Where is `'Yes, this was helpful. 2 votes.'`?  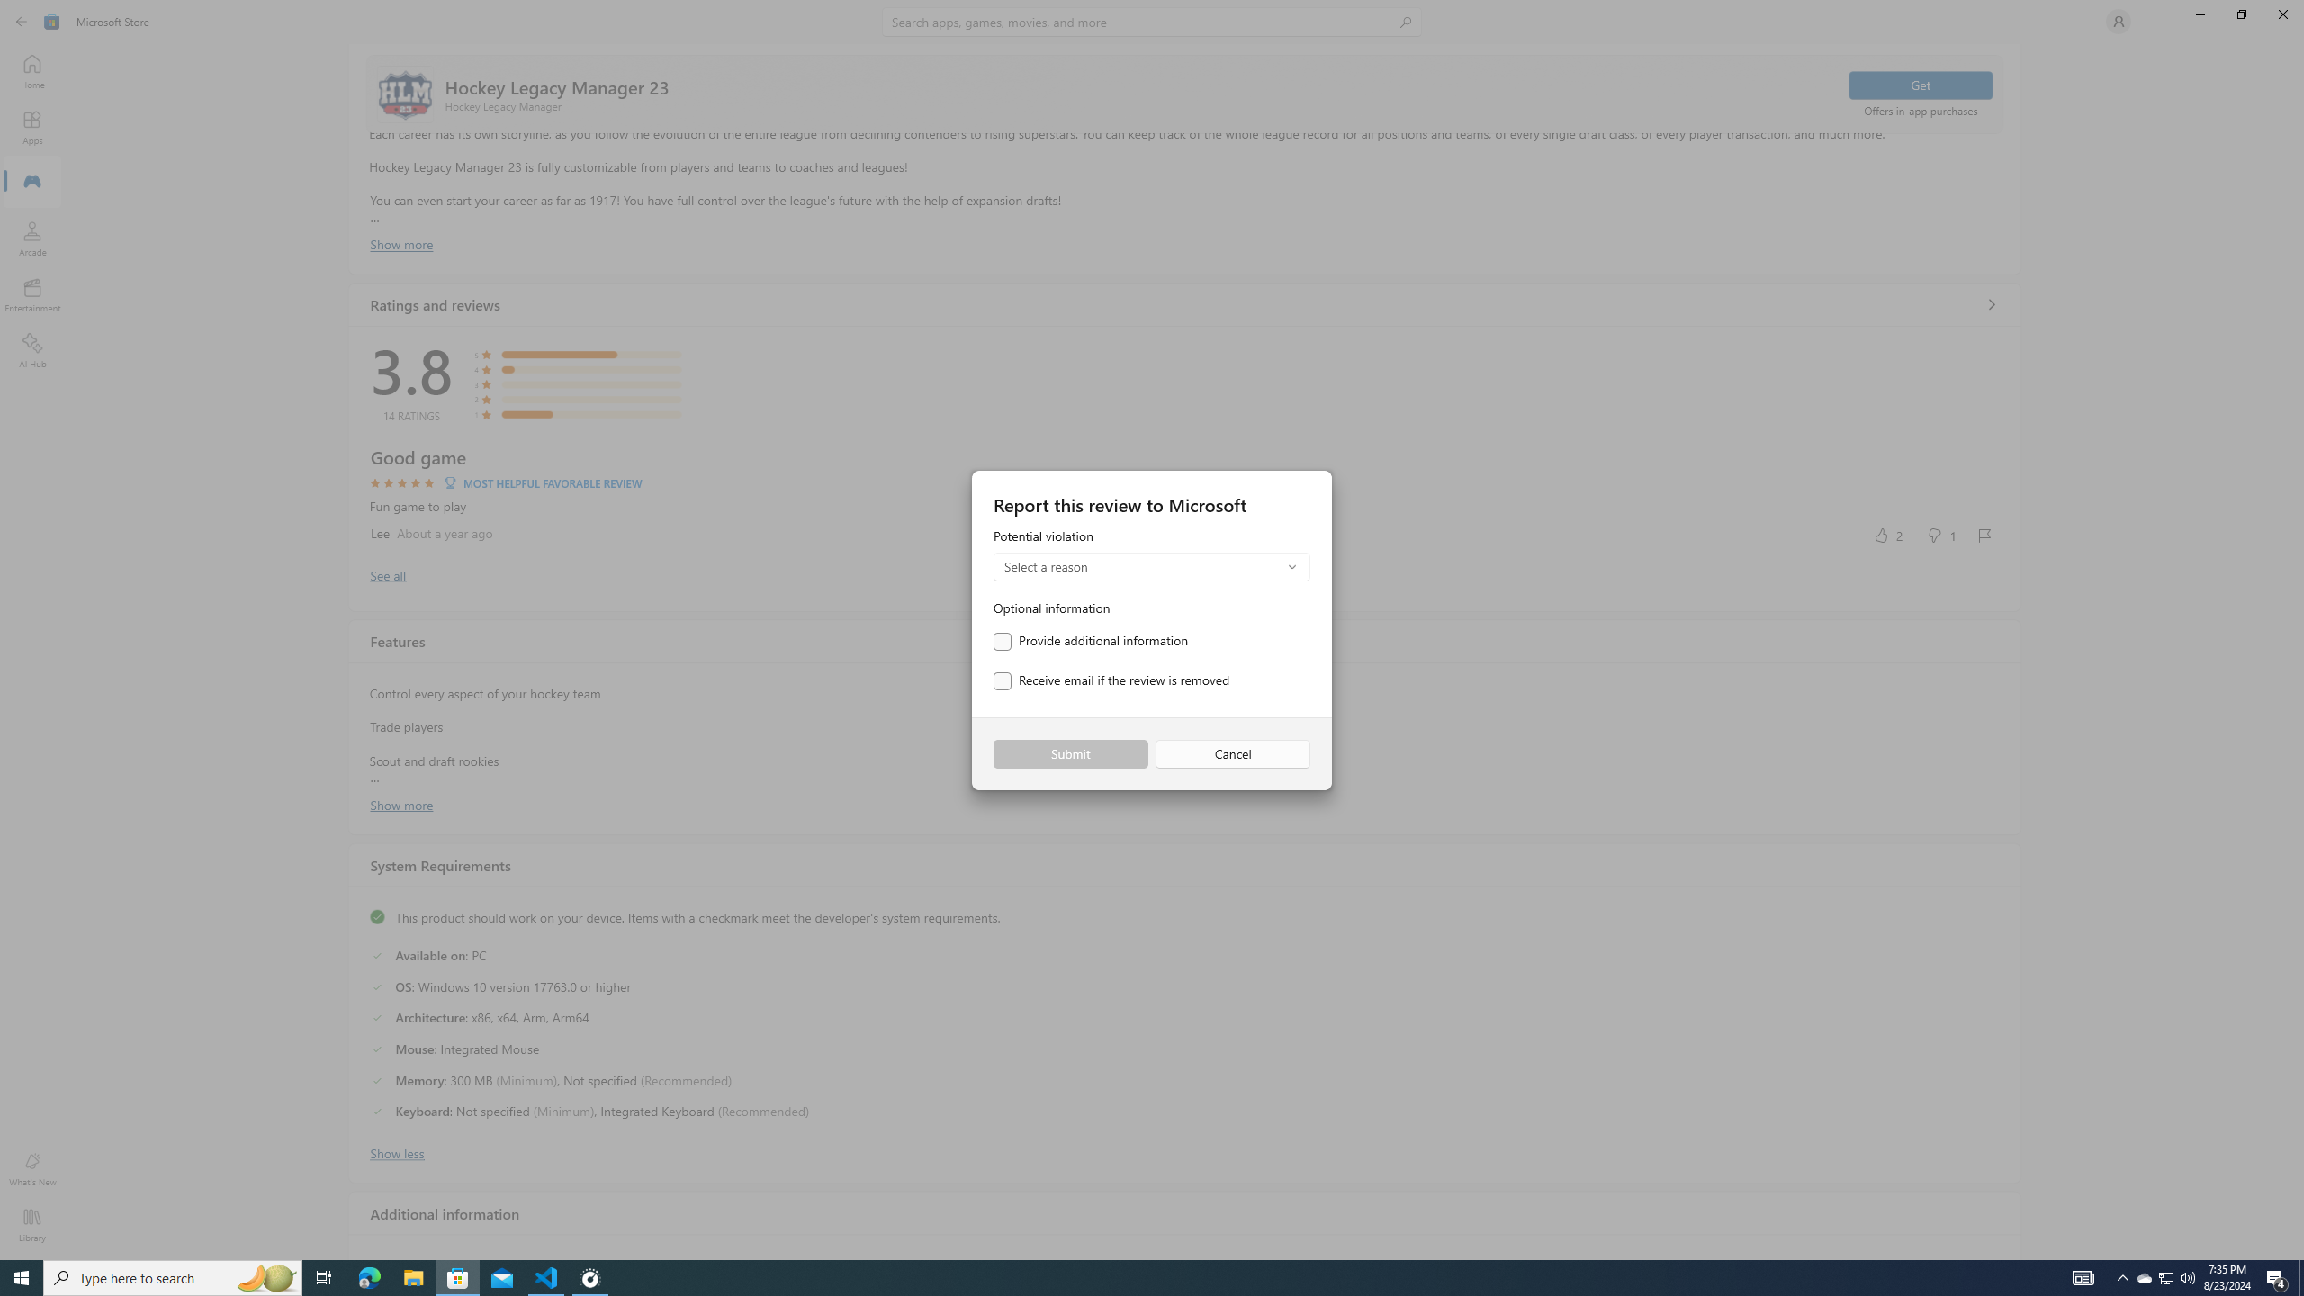
'Yes, this was helpful. 2 votes.' is located at coordinates (1886, 534).